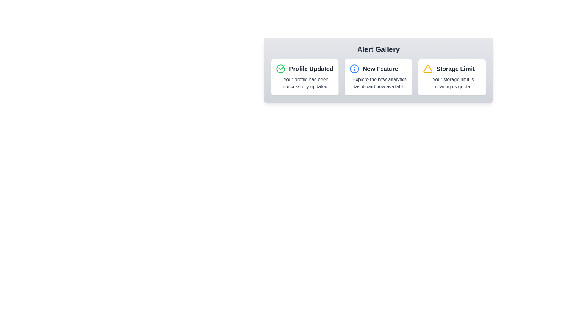  I want to click on the triangular alert icon with a yellow border and exclamation mark located in the third card labeled 'Storage Limit' in the Alert Gallery, so click(428, 69).